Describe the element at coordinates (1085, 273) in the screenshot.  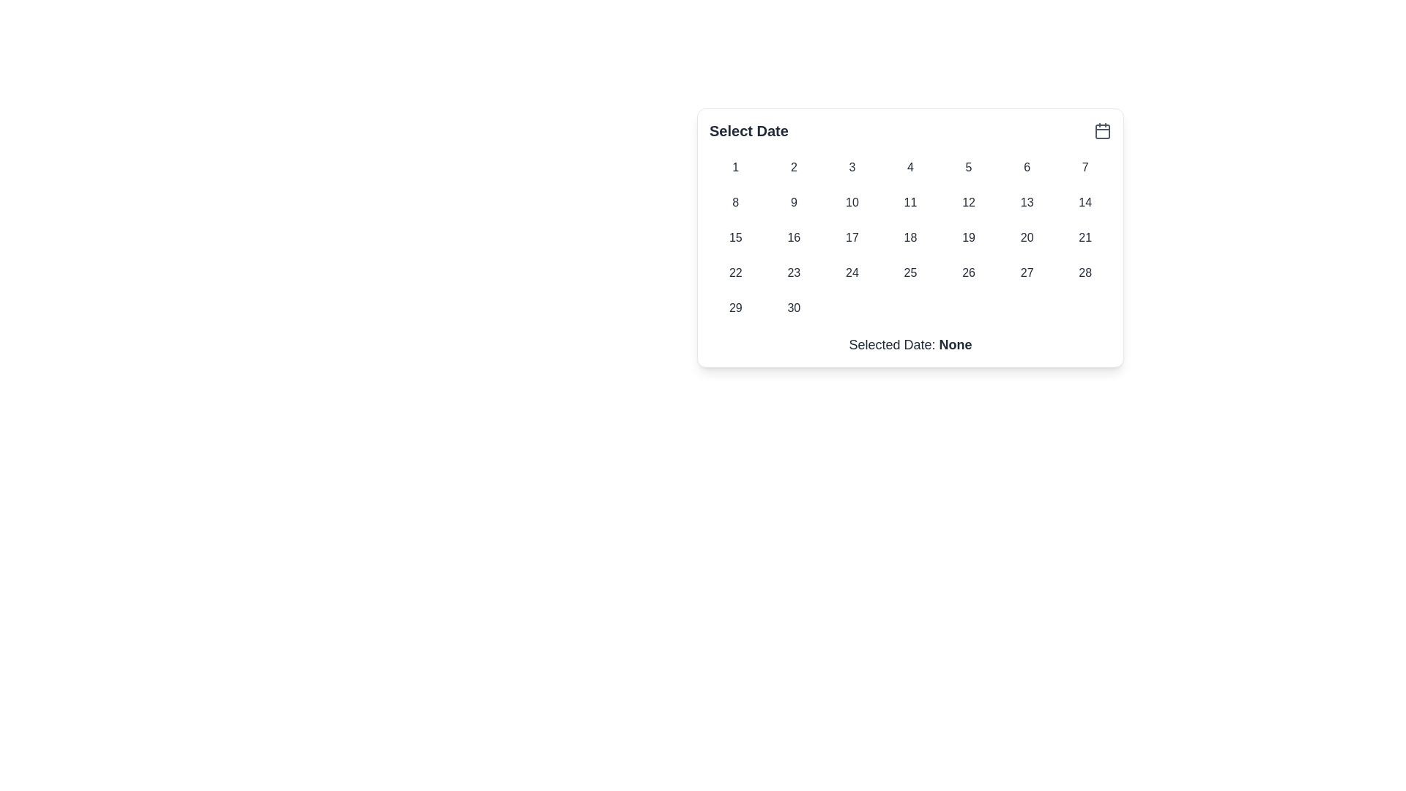
I see `the button in the seventh column of the fourth row under the header 'Select Date'` at that location.